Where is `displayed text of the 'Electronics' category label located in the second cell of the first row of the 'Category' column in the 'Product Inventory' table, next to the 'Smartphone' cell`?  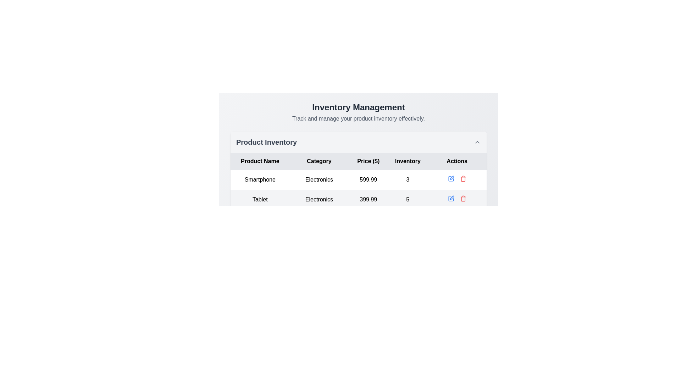 displayed text of the 'Electronics' category label located in the second cell of the first row of the 'Category' column in the 'Product Inventory' table, next to the 'Smartphone' cell is located at coordinates (319, 179).